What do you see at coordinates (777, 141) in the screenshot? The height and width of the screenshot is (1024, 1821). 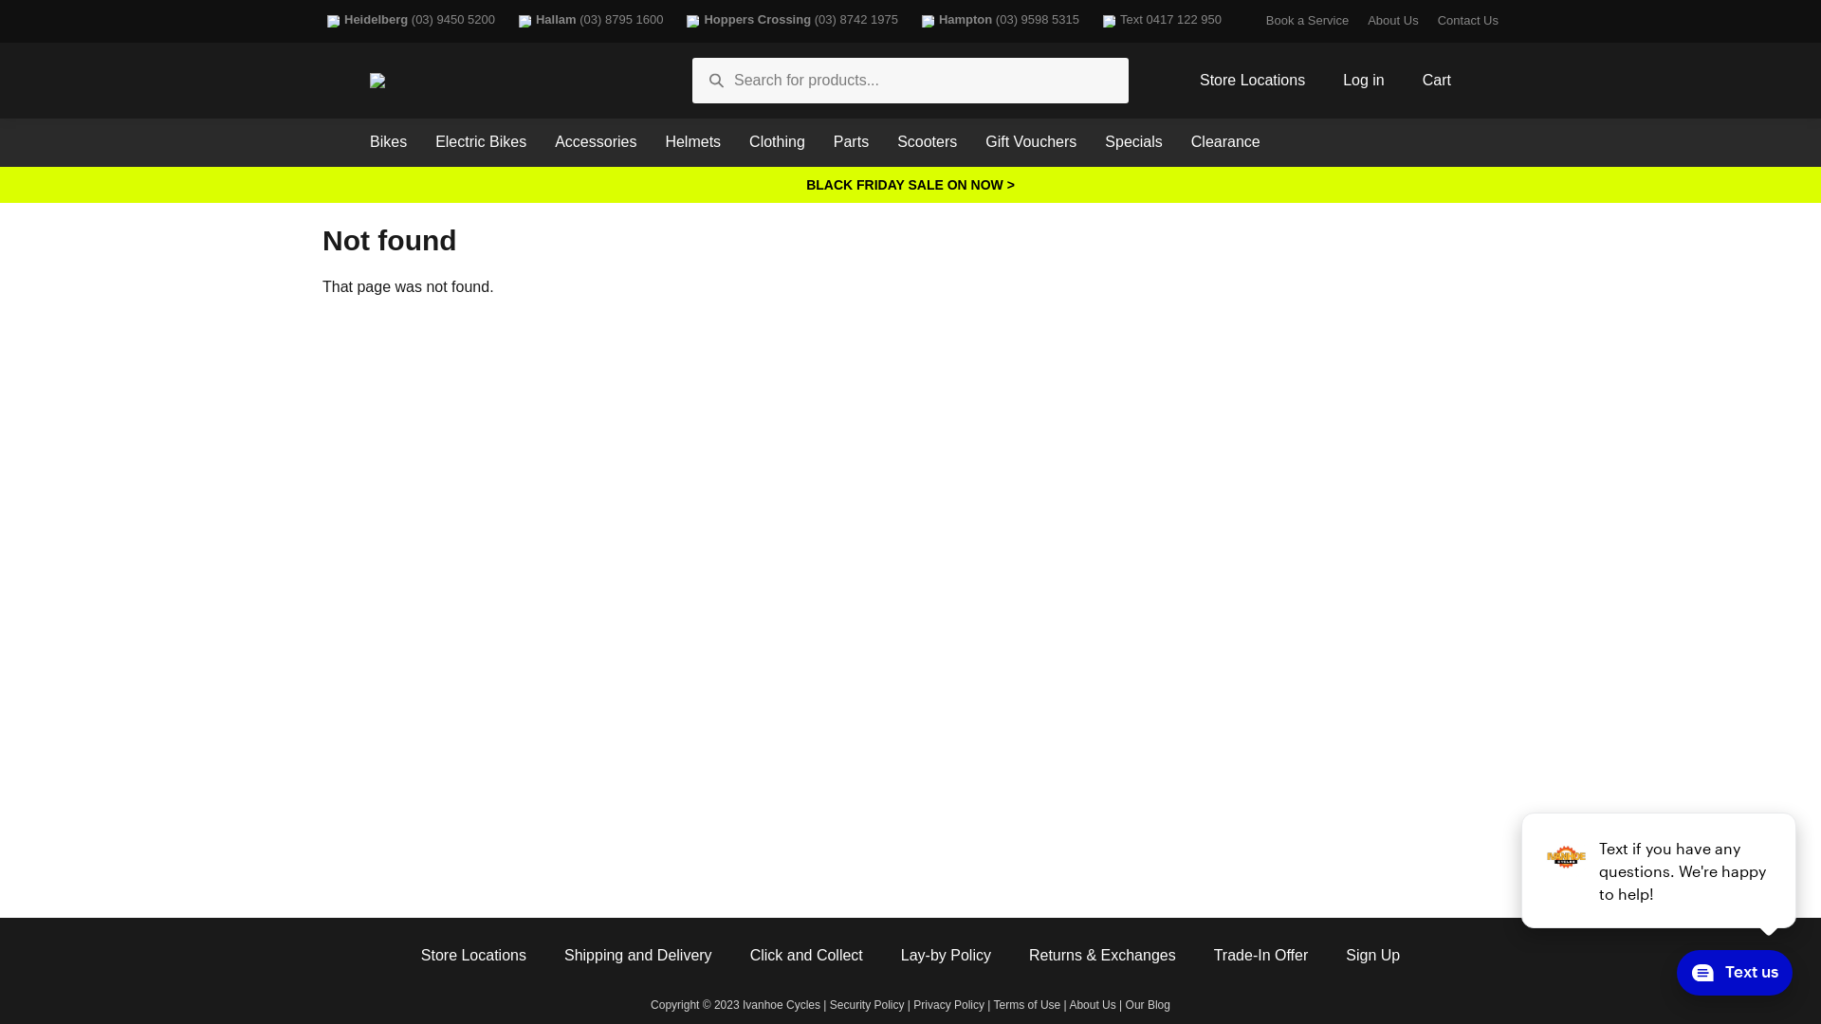 I see `'Clothing'` at bounding box center [777, 141].